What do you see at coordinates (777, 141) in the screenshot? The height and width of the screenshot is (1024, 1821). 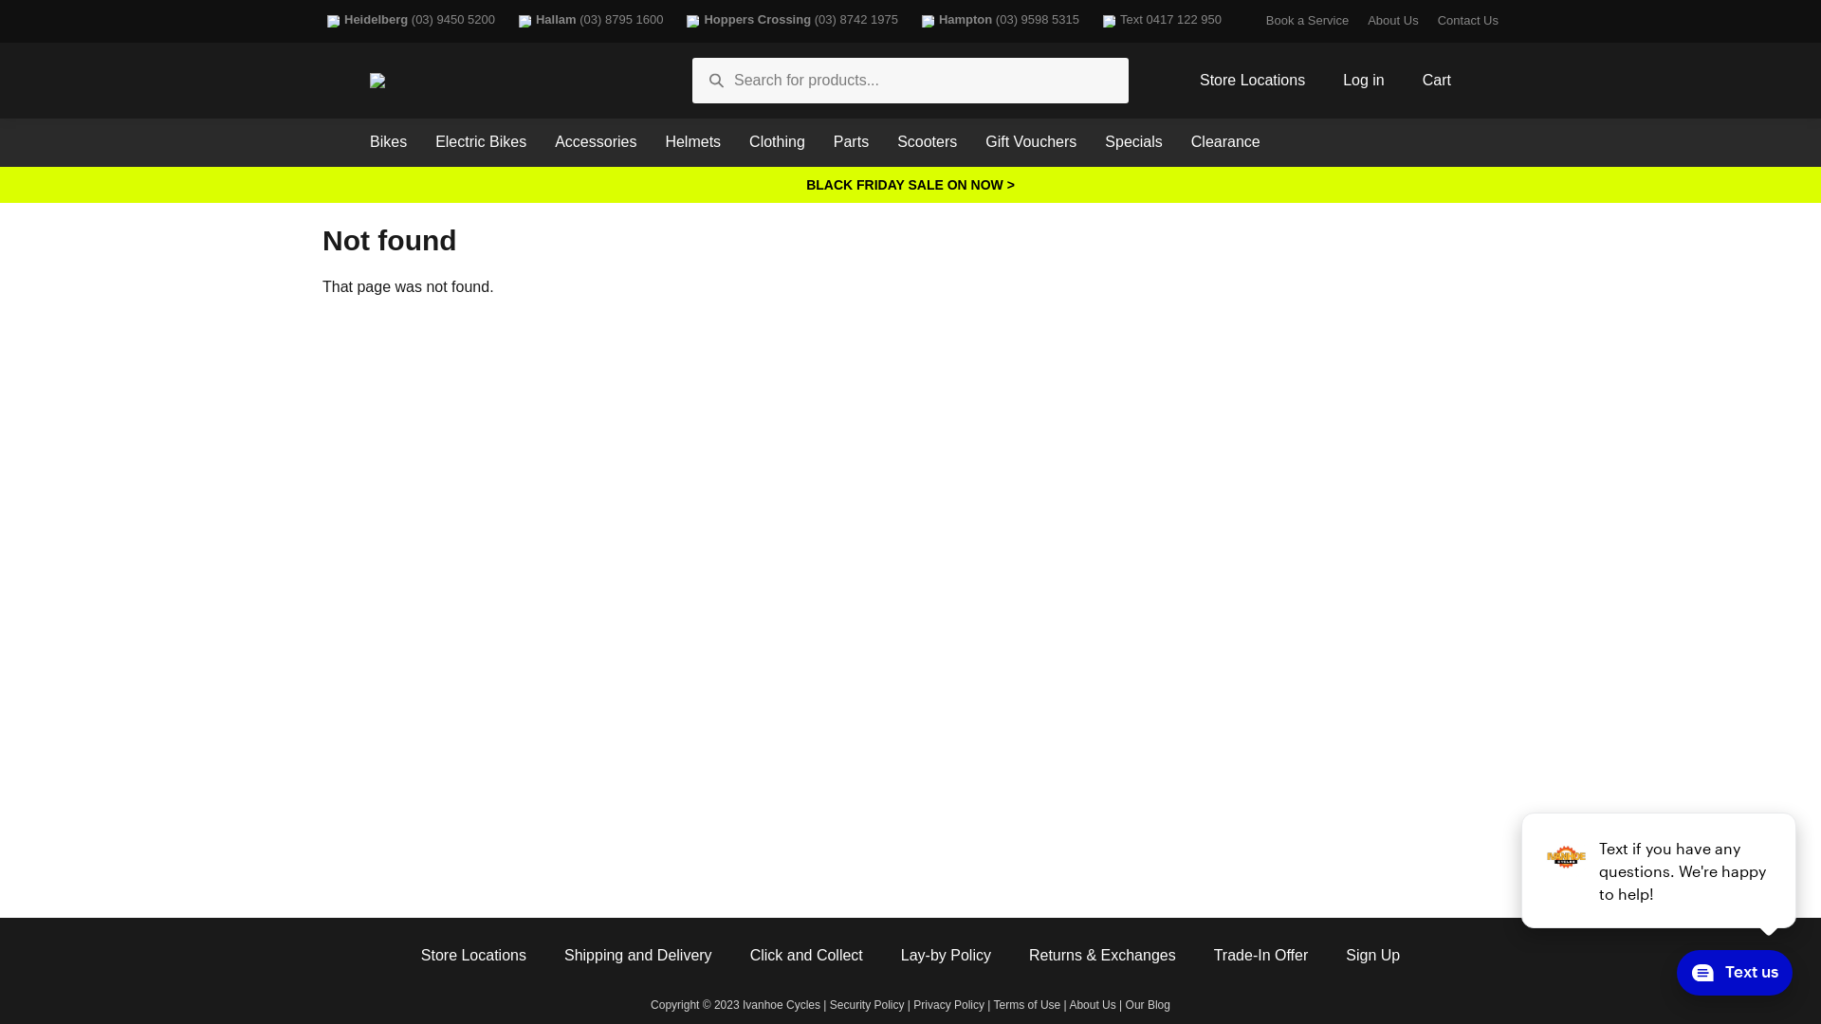 I see `'Clothing'` at bounding box center [777, 141].